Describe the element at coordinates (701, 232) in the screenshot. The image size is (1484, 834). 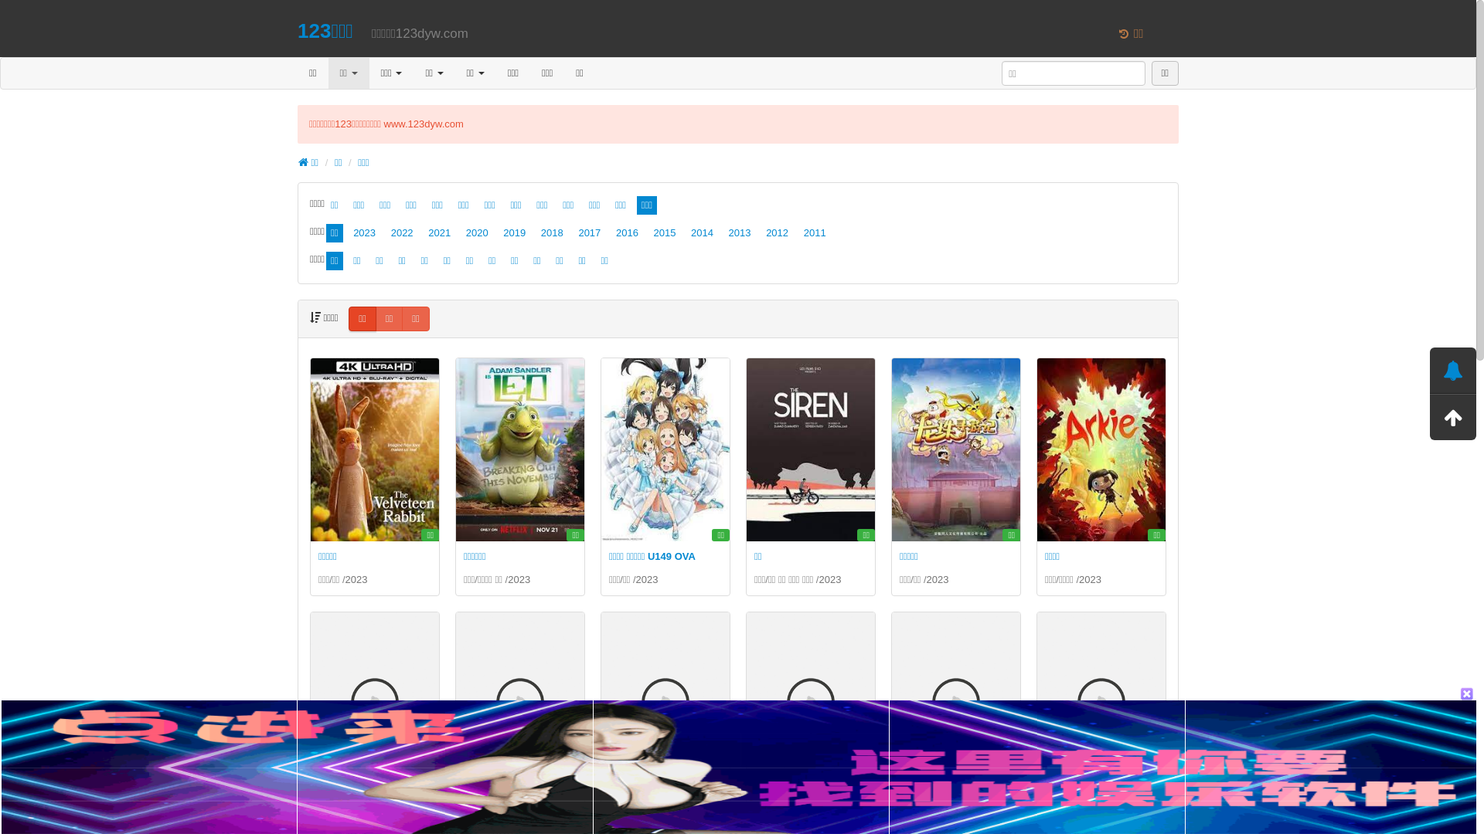
I see `'2014'` at that location.